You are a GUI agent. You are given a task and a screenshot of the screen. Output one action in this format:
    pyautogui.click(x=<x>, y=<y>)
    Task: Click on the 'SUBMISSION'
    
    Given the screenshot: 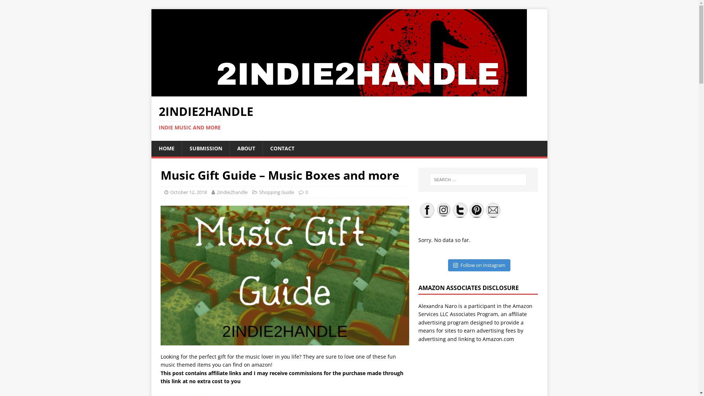 What is the action you would take?
    pyautogui.click(x=205, y=148)
    